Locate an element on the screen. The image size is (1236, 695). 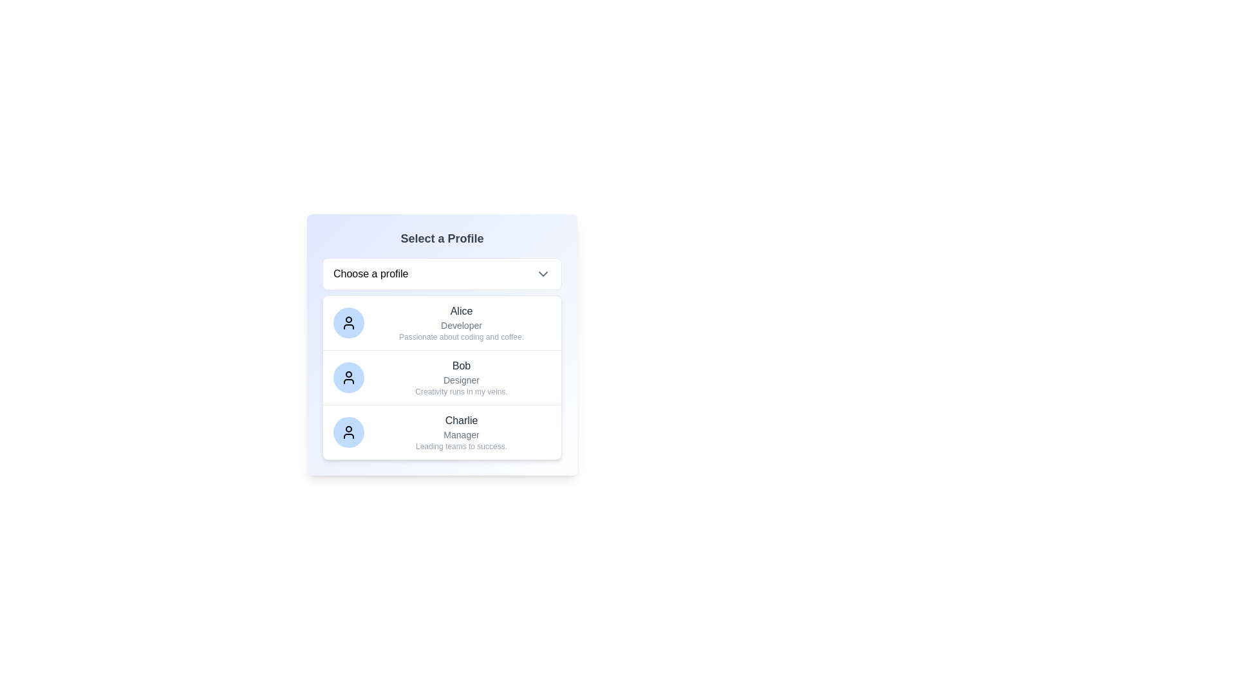
the Profile Card representing user 'Bob', which is the second item in the list of profile cards is located at coordinates (442, 376).